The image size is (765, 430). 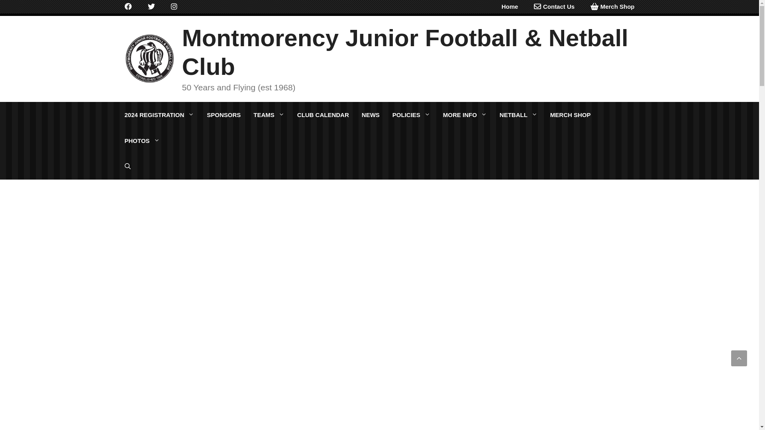 What do you see at coordinates (323, 115) in the screenshot?
I see `'CLUB CALENDAR'` at bounding box center [323, 115].